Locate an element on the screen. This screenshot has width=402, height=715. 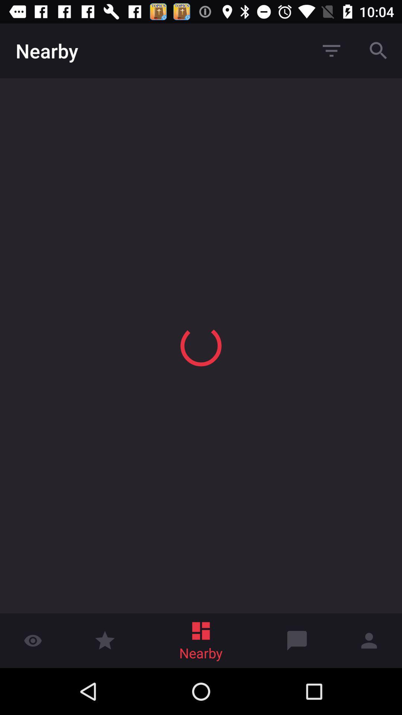
the first button next to nearby at top of the page is located at coordinates (331, 51).